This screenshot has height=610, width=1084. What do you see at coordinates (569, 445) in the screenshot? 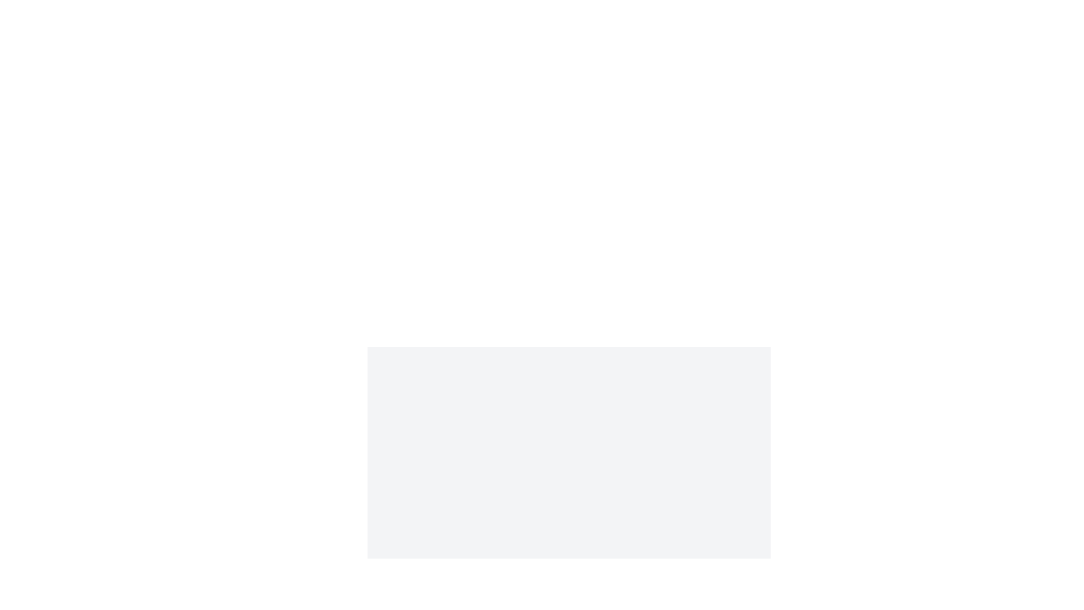
I see `the image and select Remove from the context menu` at bounding box center [569, 445].